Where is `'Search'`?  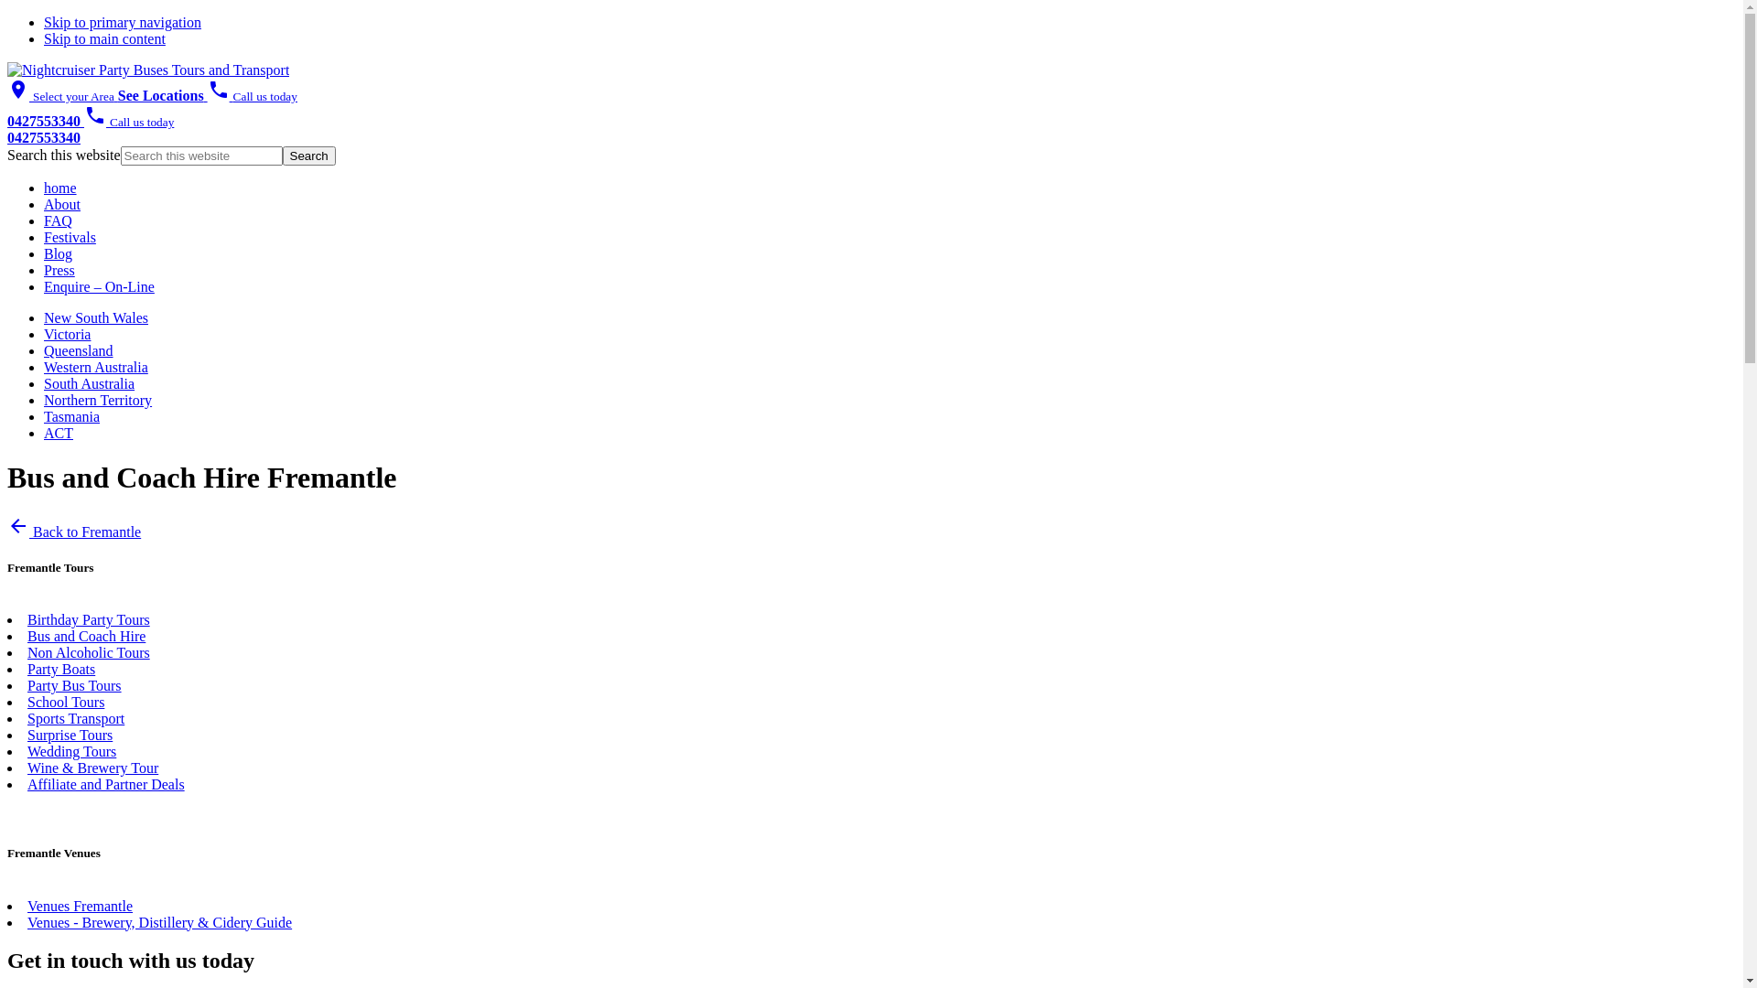 'Search' is located at coordinates (308, 155).